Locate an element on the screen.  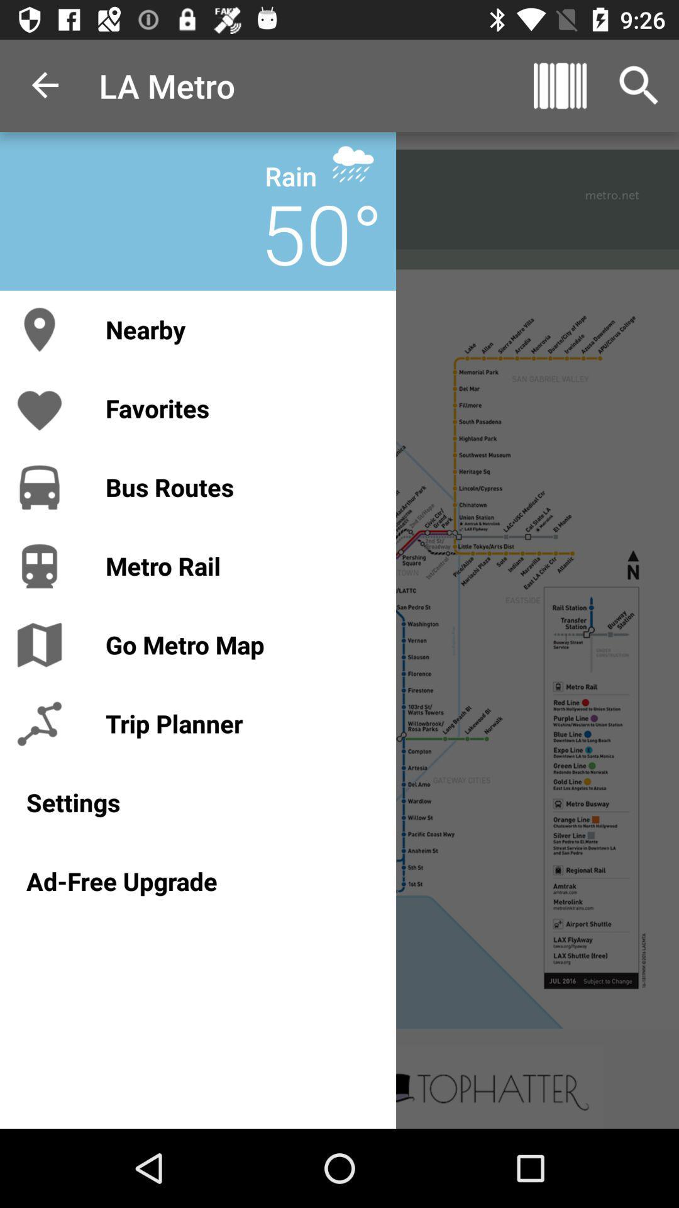
app next to la metro icon is located at coordinates (45, 85).